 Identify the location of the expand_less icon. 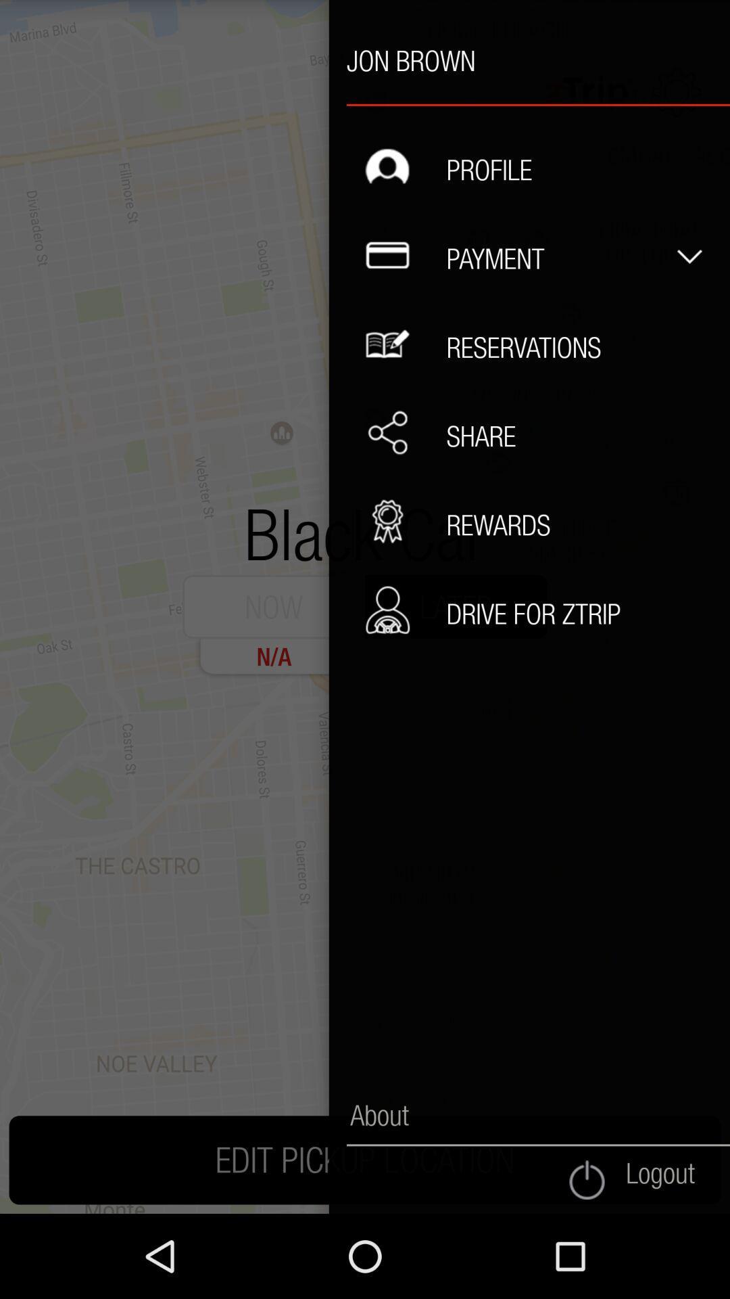
(677, 98).